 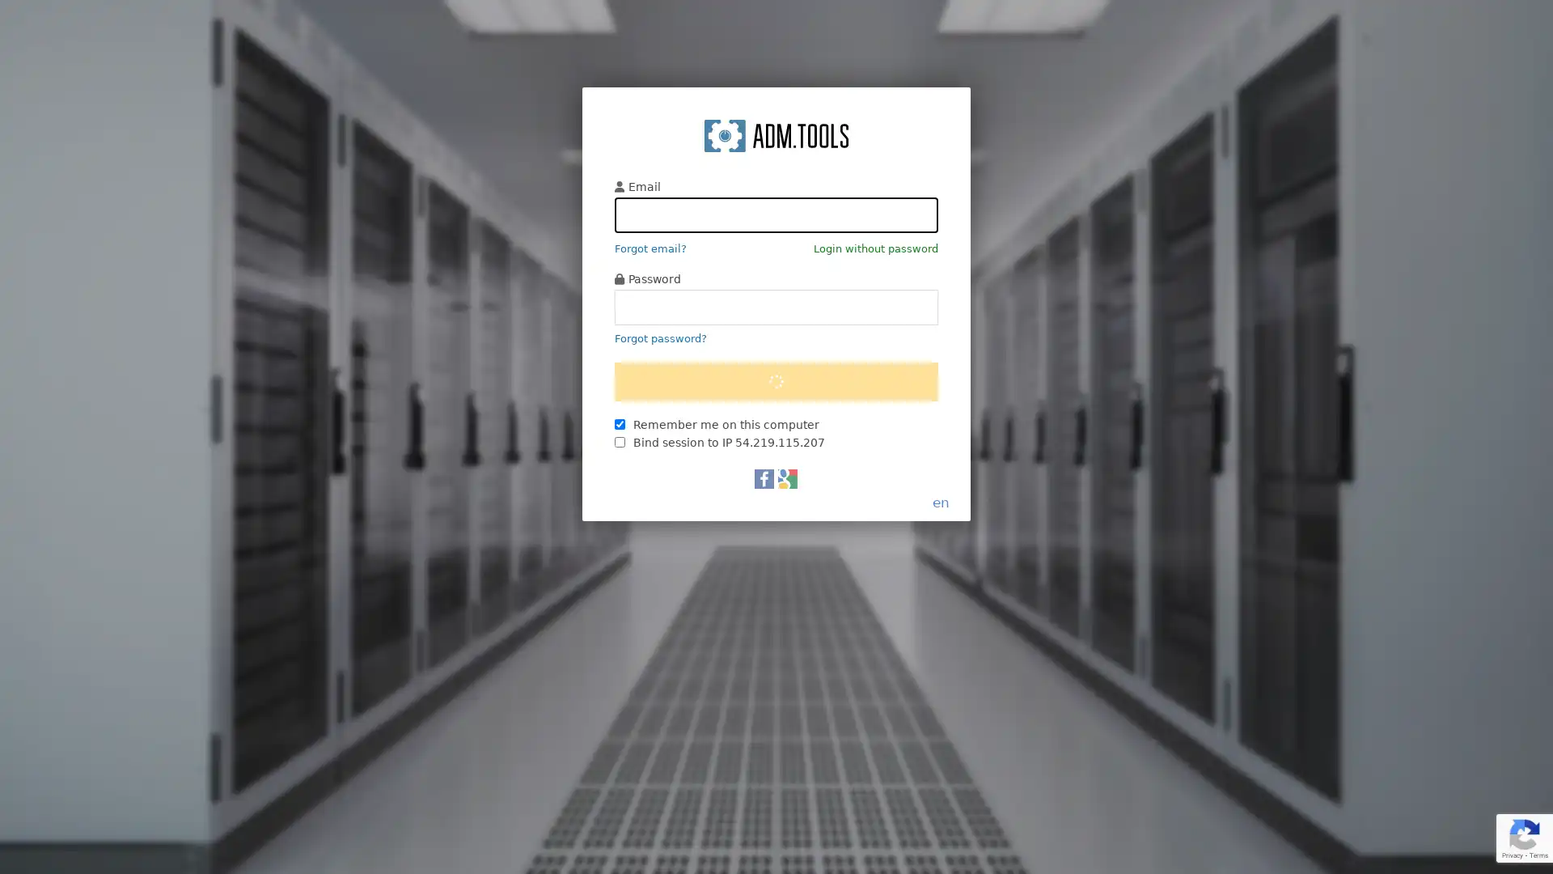 I want to click on Login, so click(x=776, y=456).